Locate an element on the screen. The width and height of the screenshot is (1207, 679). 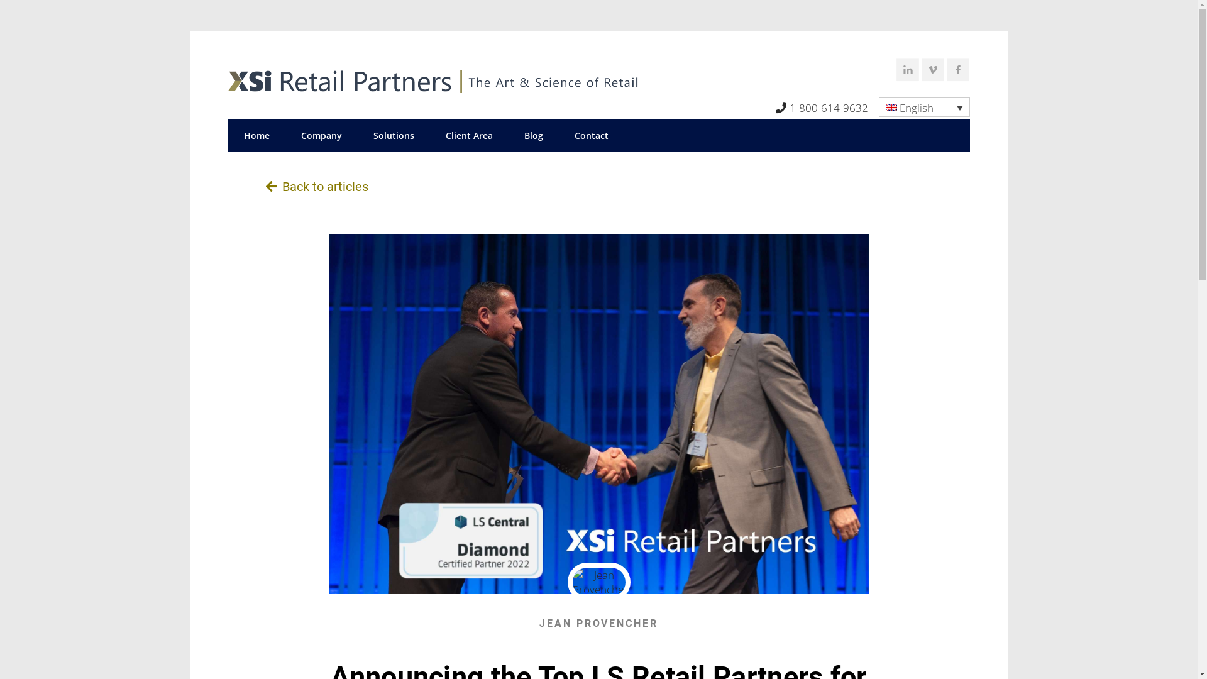
'Facebook' is located at coordinates (959, 72).